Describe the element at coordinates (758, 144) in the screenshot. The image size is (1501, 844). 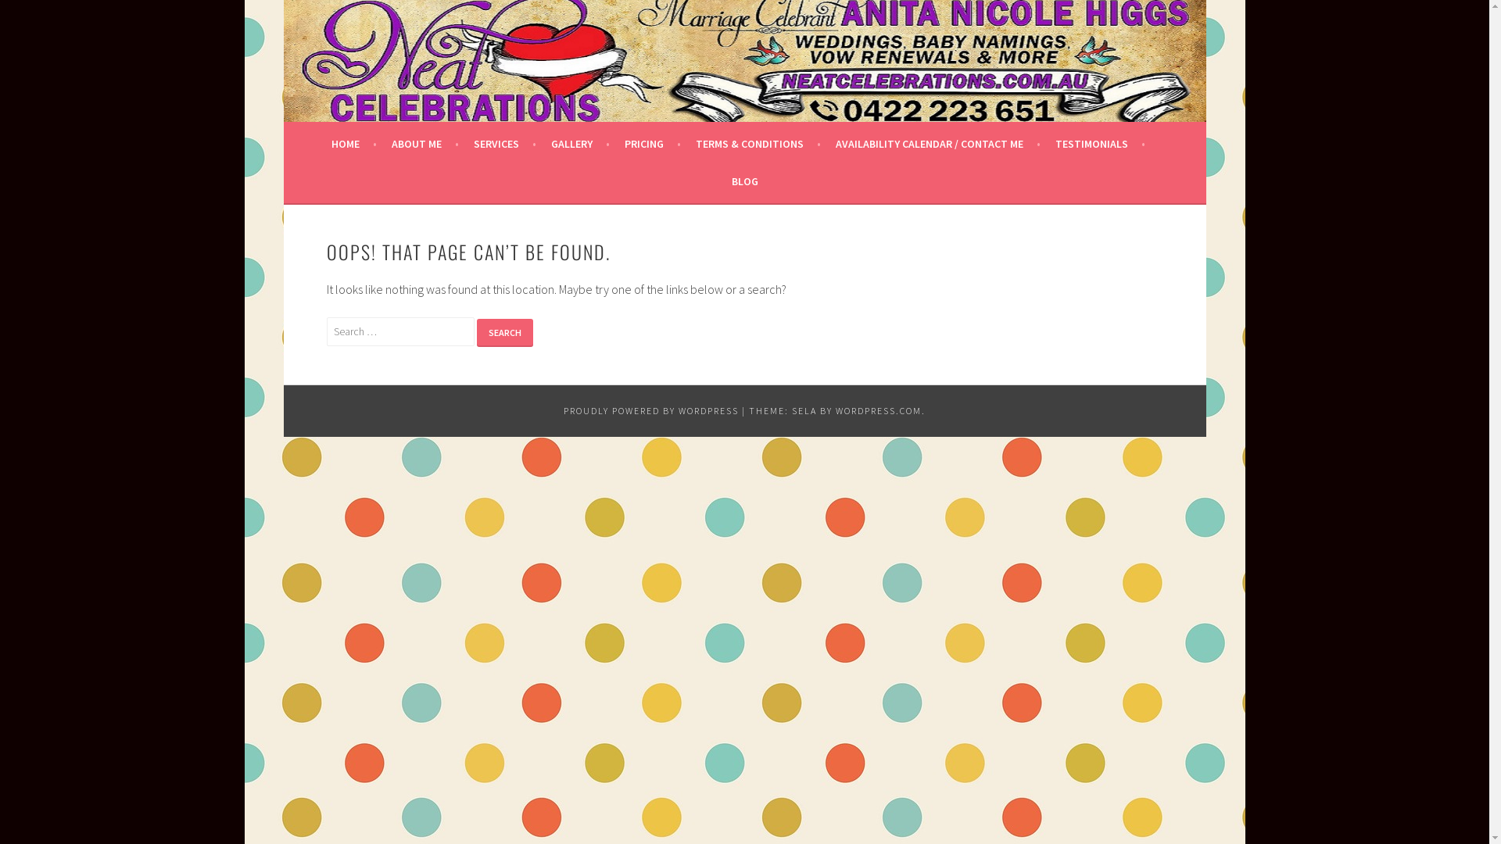
I see `'TERMS & CONDITIONS'` at that location.